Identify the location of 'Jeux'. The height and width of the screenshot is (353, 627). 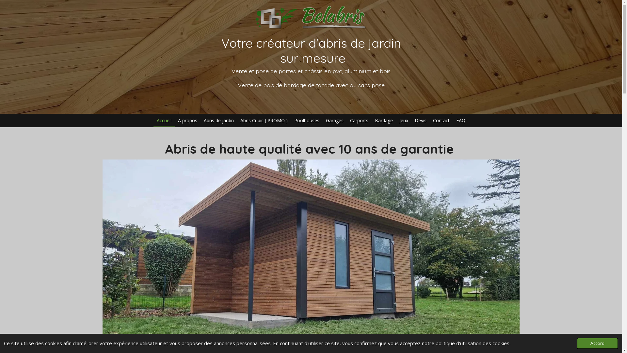
(403, 120).